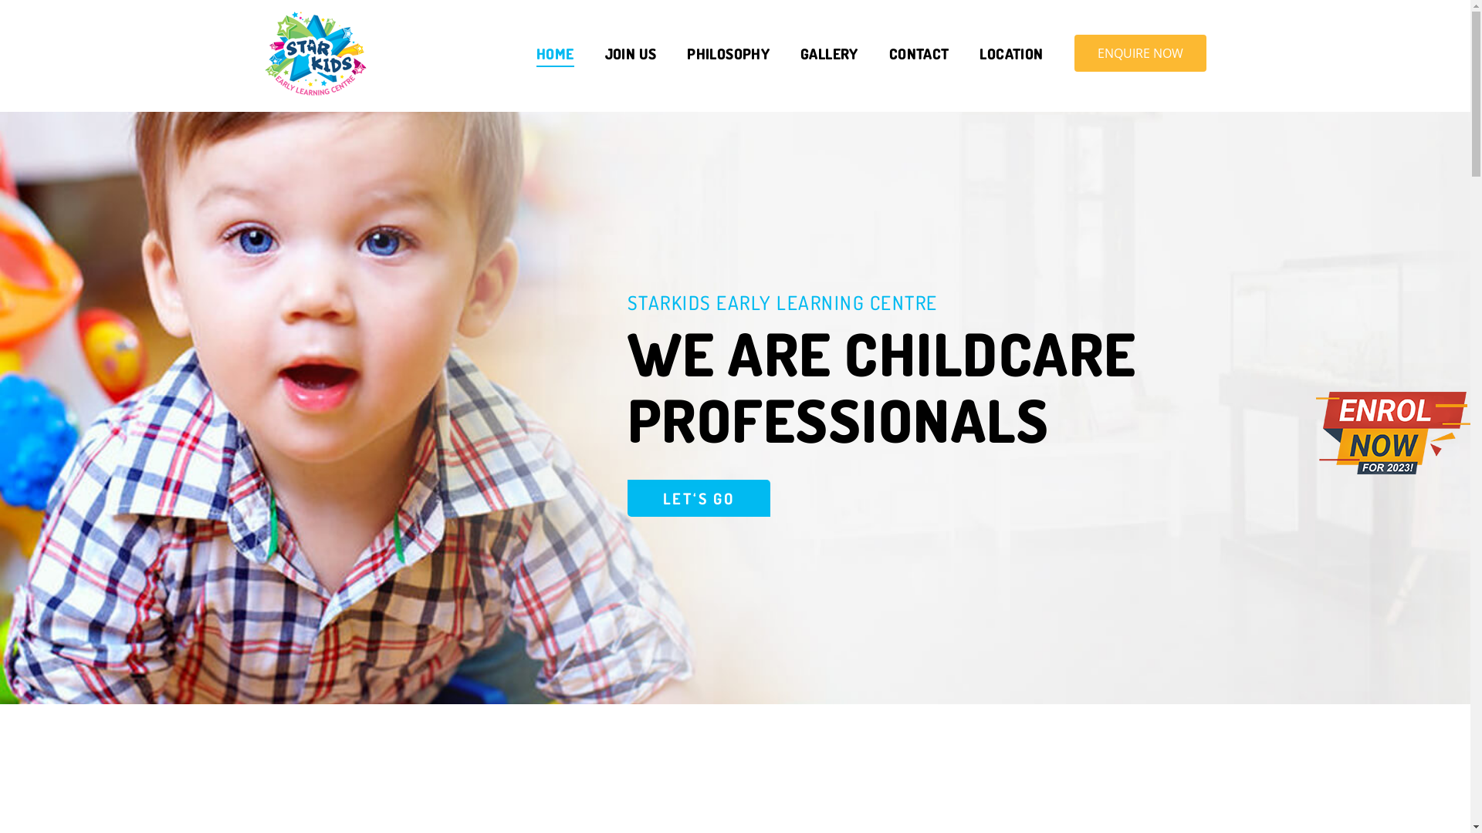  I want to click on 'ENQUIRE NOW', so click(1140, 52).